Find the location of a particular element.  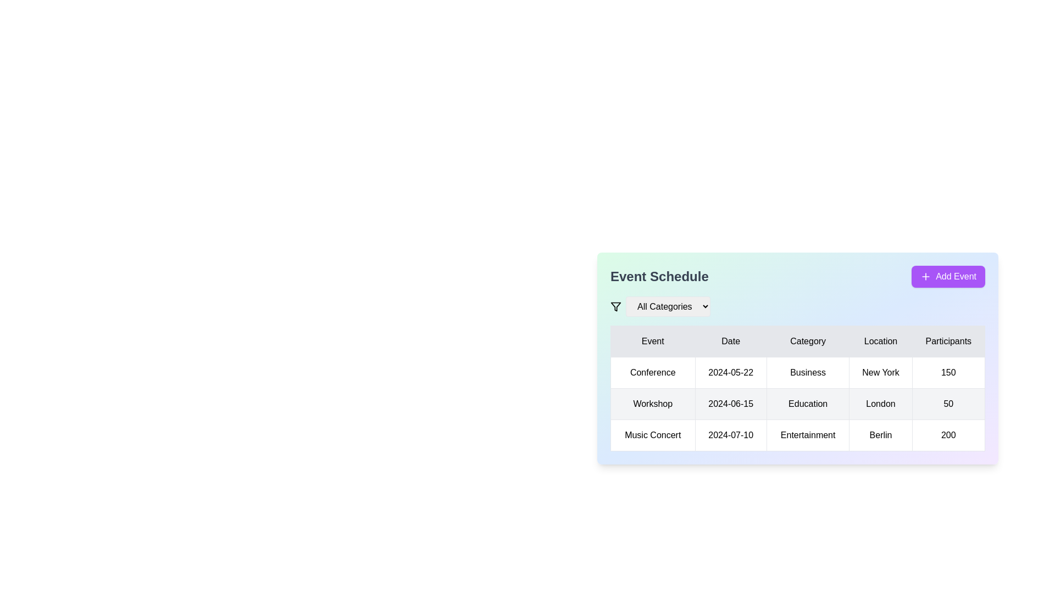

the dropdown menu labeled 'All Categories' to activate the selection is located at coordinates (667, 306).